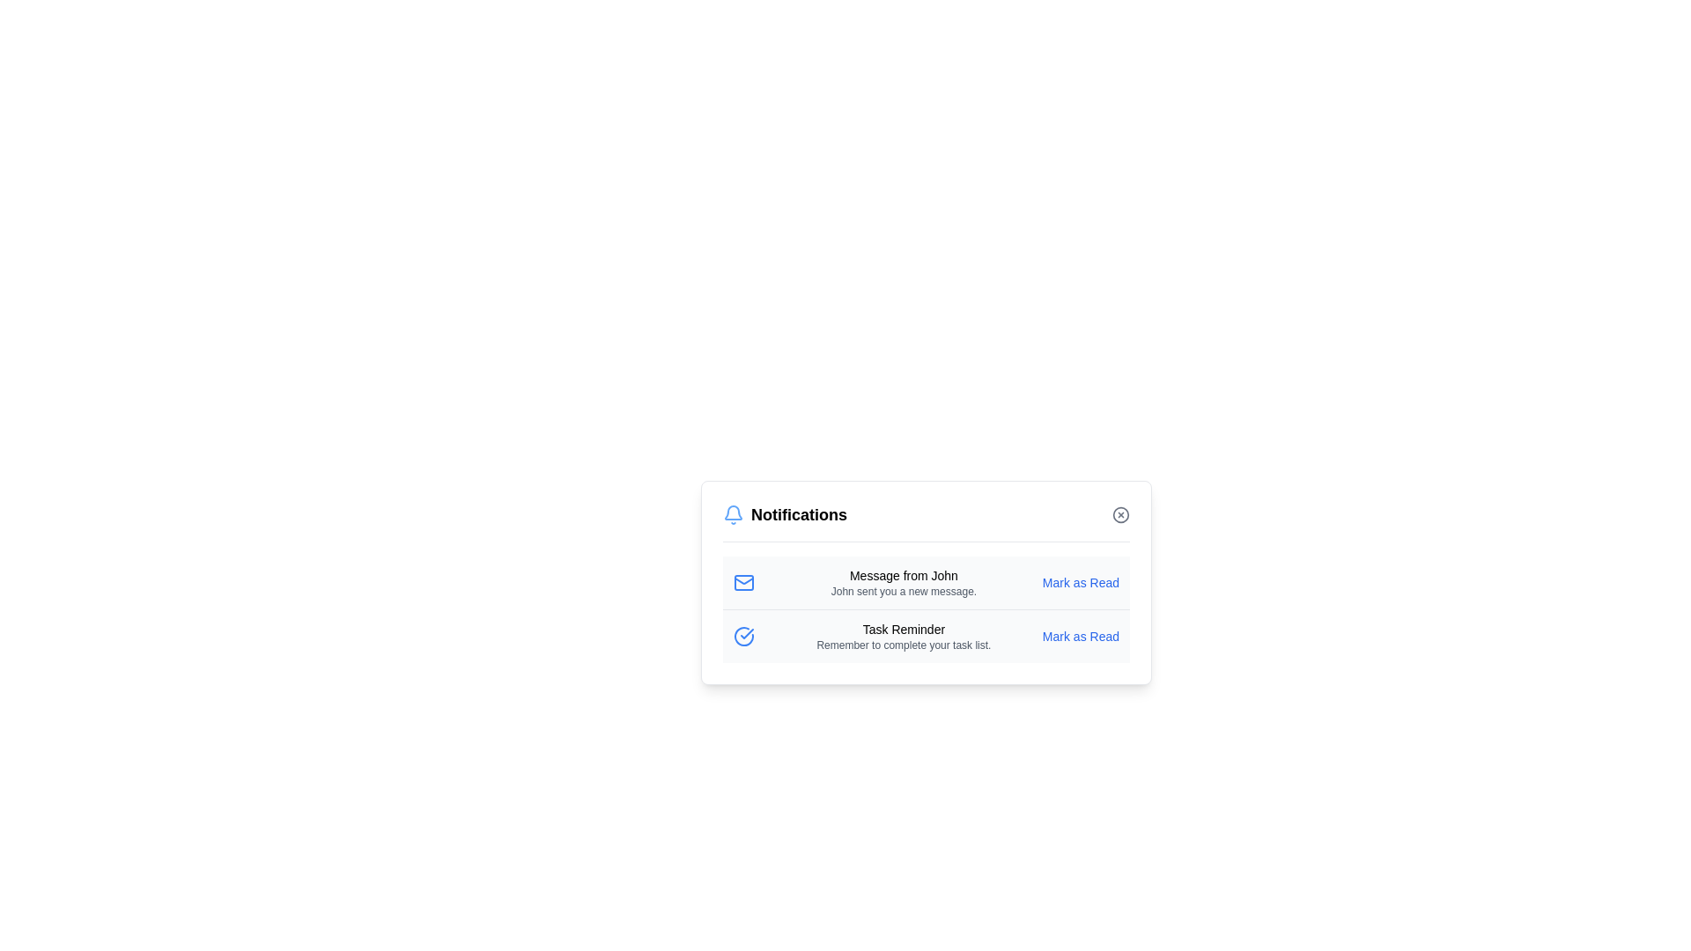  I want to click on text label that serves as the header for the second notification entry in the notification panel, located above the description 'Remember to complete your task list', so click(904, 628).